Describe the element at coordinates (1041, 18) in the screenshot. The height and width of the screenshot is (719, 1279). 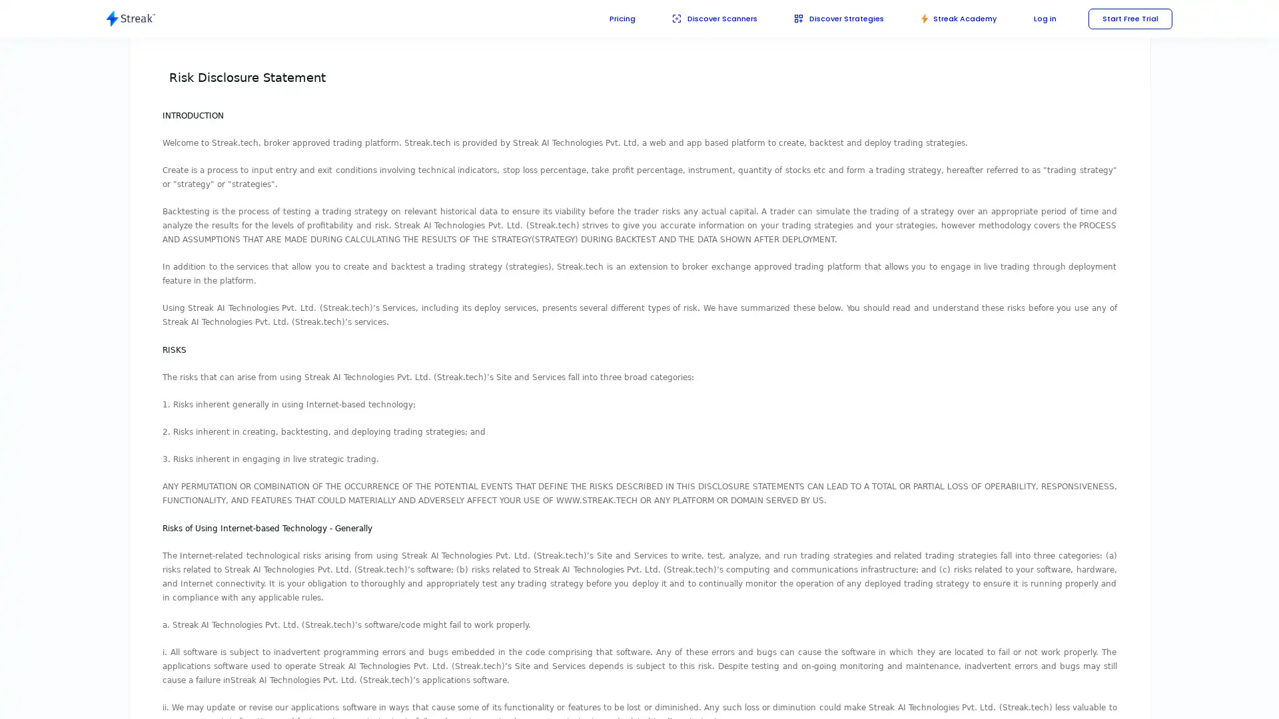
I see `Log in` at that location.